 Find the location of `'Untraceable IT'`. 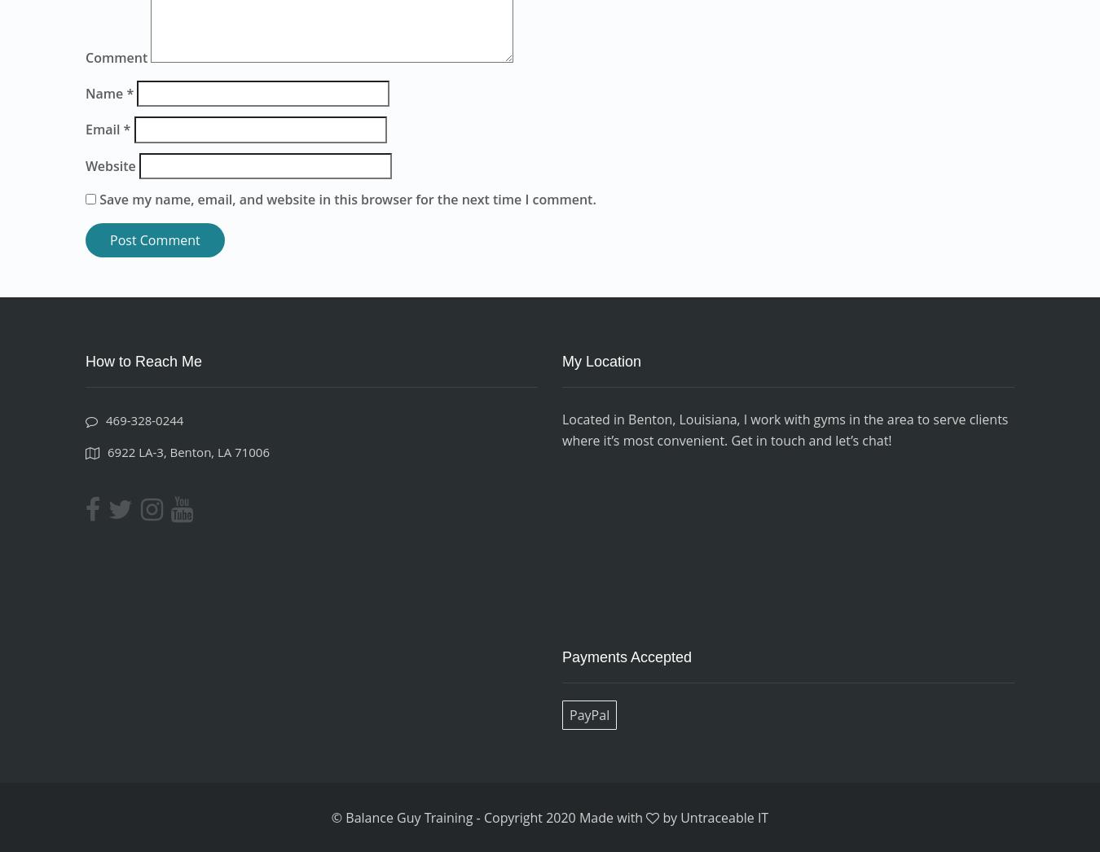

'Untraceable IT' is located at coordinates (724, 817).